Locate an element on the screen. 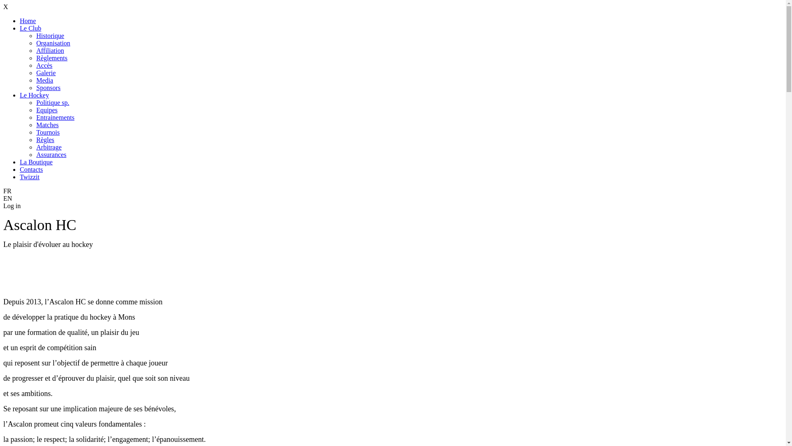 The image size is (792, 446). 'Arbitrage' is located at coordinates (48, 147).